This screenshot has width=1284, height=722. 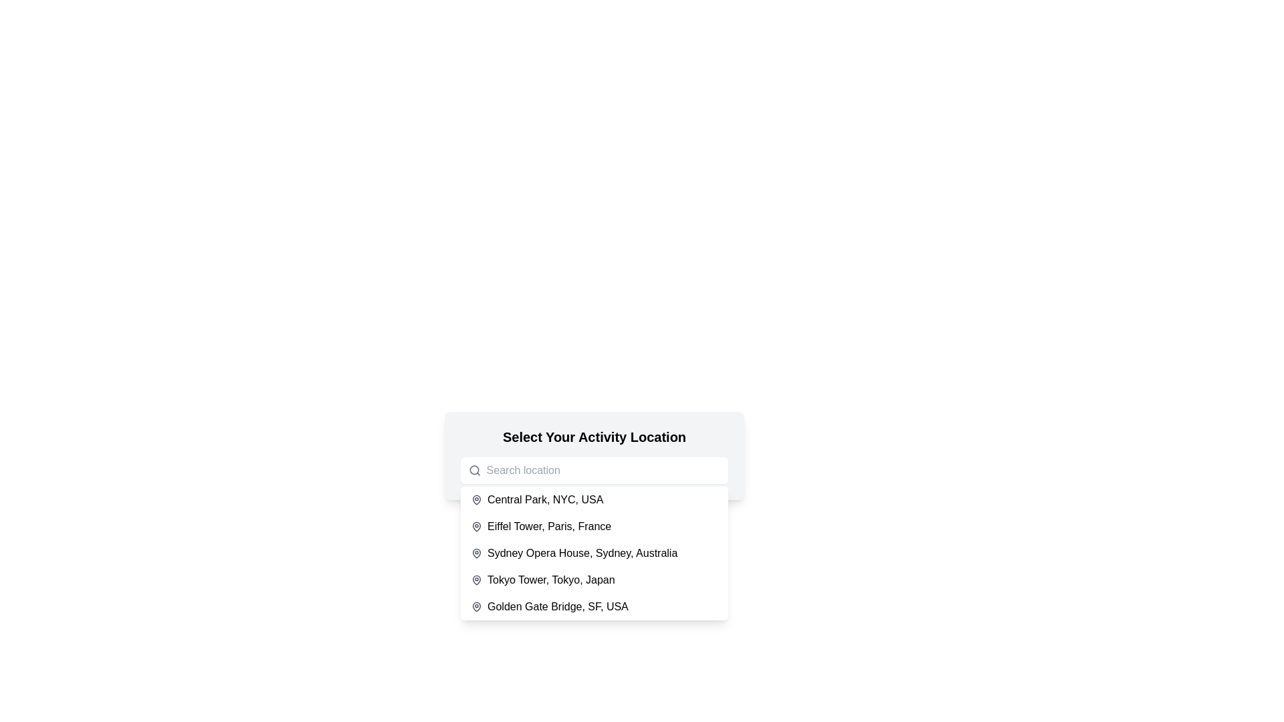 What do you see at coordinates (477, 552) in the screenshot?
I see `the pin icon in the dropdown menu labeled 'Select Your Activity Location' that is positioned to the left of the text 'Sydney Opera House, Sydney, Australia'` at bounding box center [477, 552].